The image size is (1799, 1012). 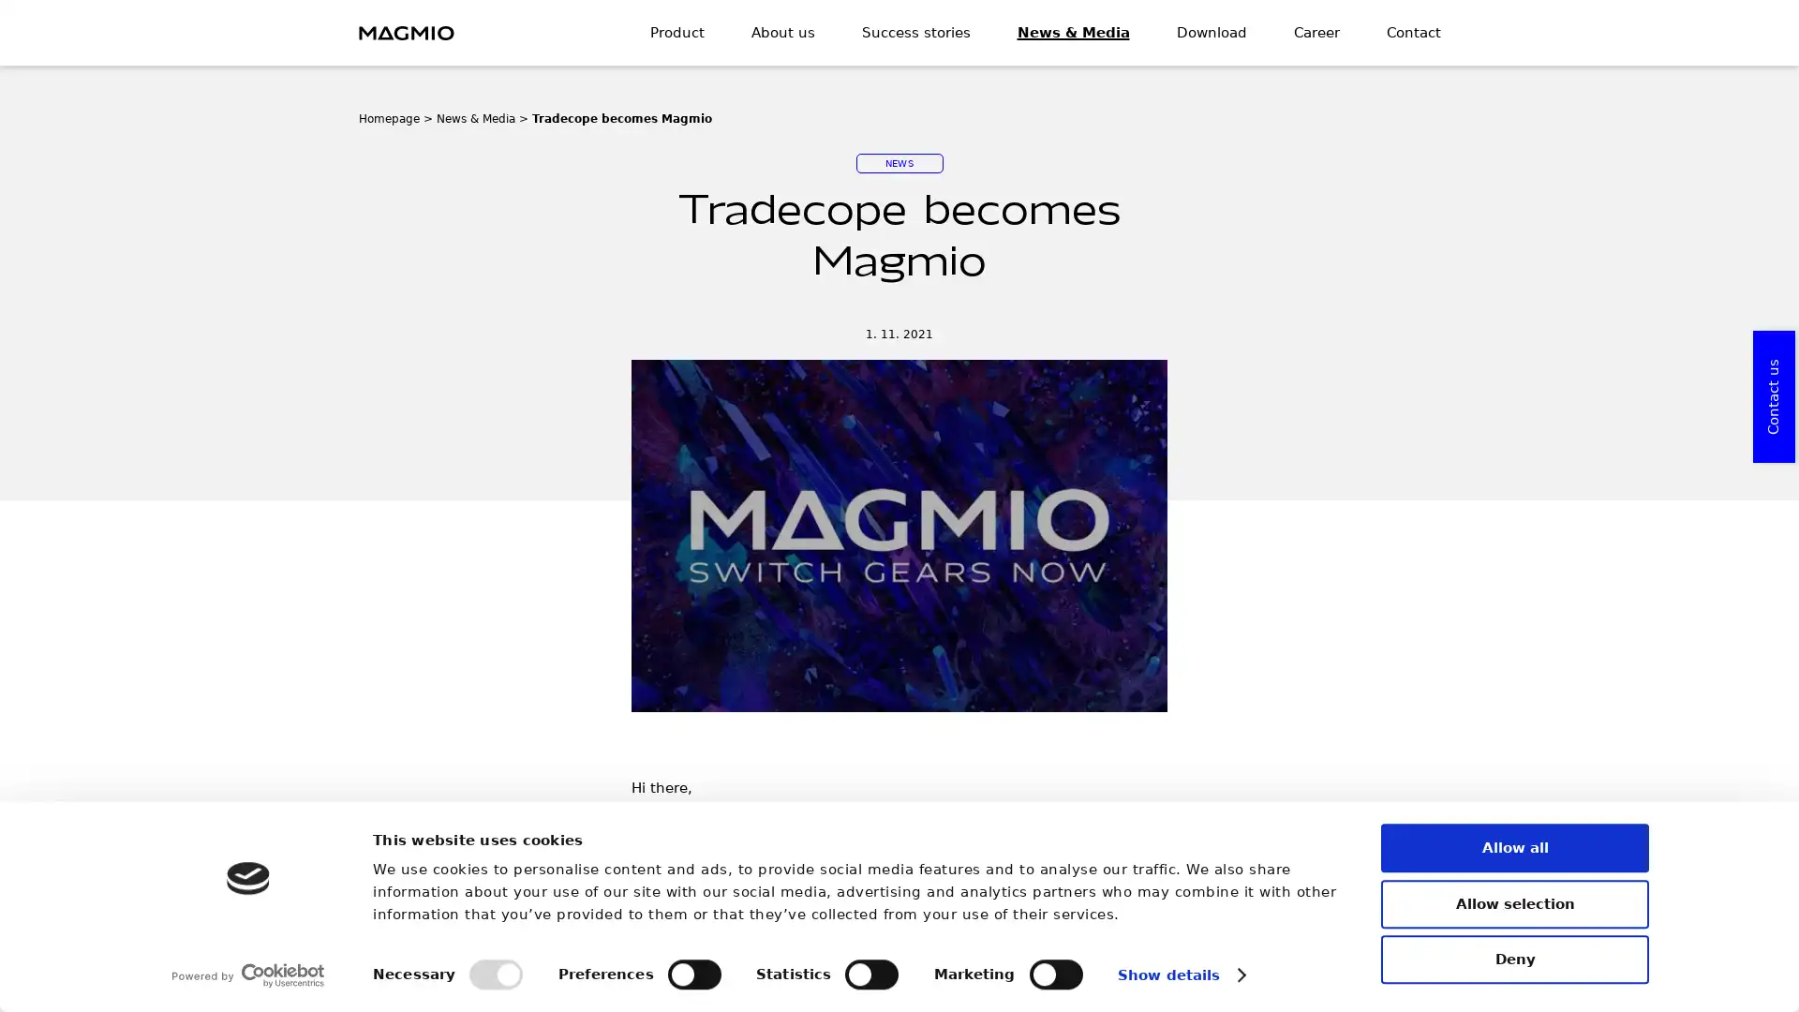 I want to click on Allow all, so click(x=1515, y=848).